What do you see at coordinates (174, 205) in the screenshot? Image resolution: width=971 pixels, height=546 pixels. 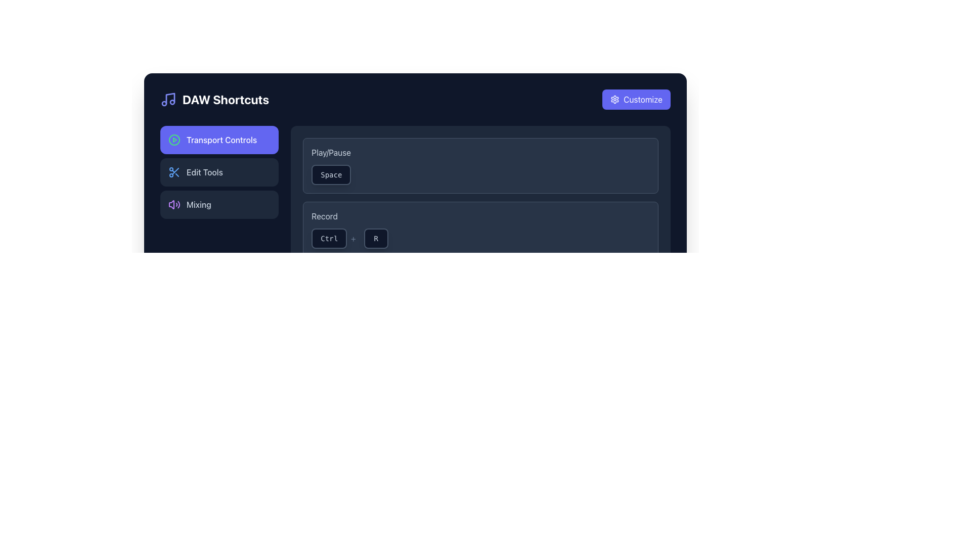 I see `the purple volume icon with sound waves` at bounding box center [174, 205].